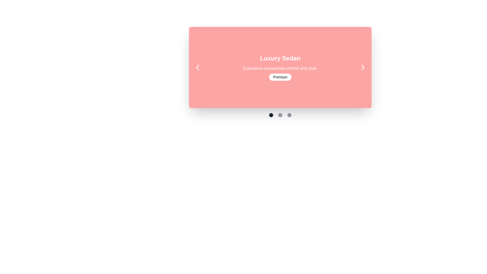 The image size is (487, 274). Describe the element at coordinates (280, 68) in the screenshot. I see `the static text label providing additional context for 'Luxury Sedan', positioned below the title and above the 'Premium' button` at that location.